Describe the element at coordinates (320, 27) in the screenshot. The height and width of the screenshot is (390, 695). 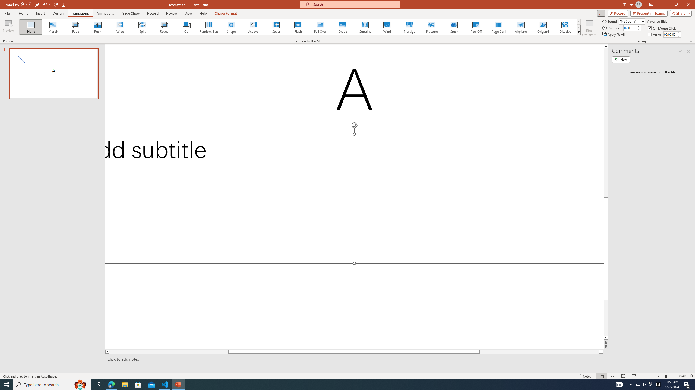
I see `'Fall Over'` at that location.